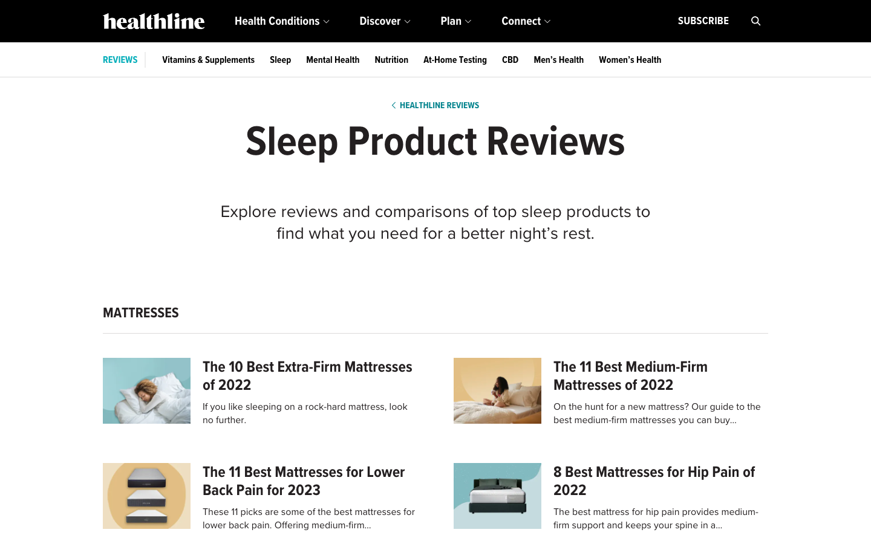 The height and width of the screenshot is (544, 871). I want to click on Input "mattresses" into the search bar and submit the search, so click(755, 21).